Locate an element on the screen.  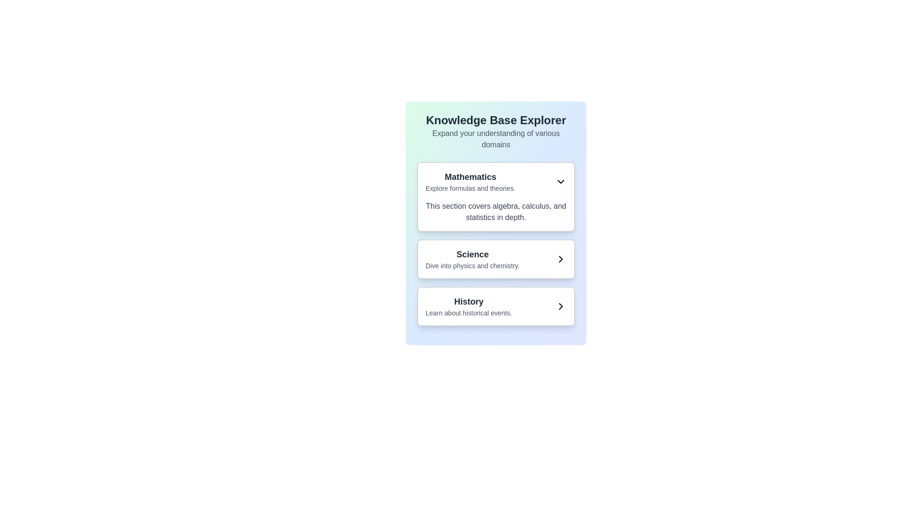
the rightward Chevron arrow icon located to the right of the 'Science' section to indicate further navigation options is located at coordinates (560, 259).